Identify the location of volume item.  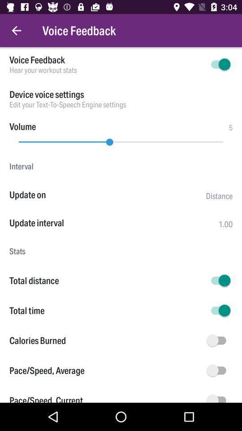
(22, 126).